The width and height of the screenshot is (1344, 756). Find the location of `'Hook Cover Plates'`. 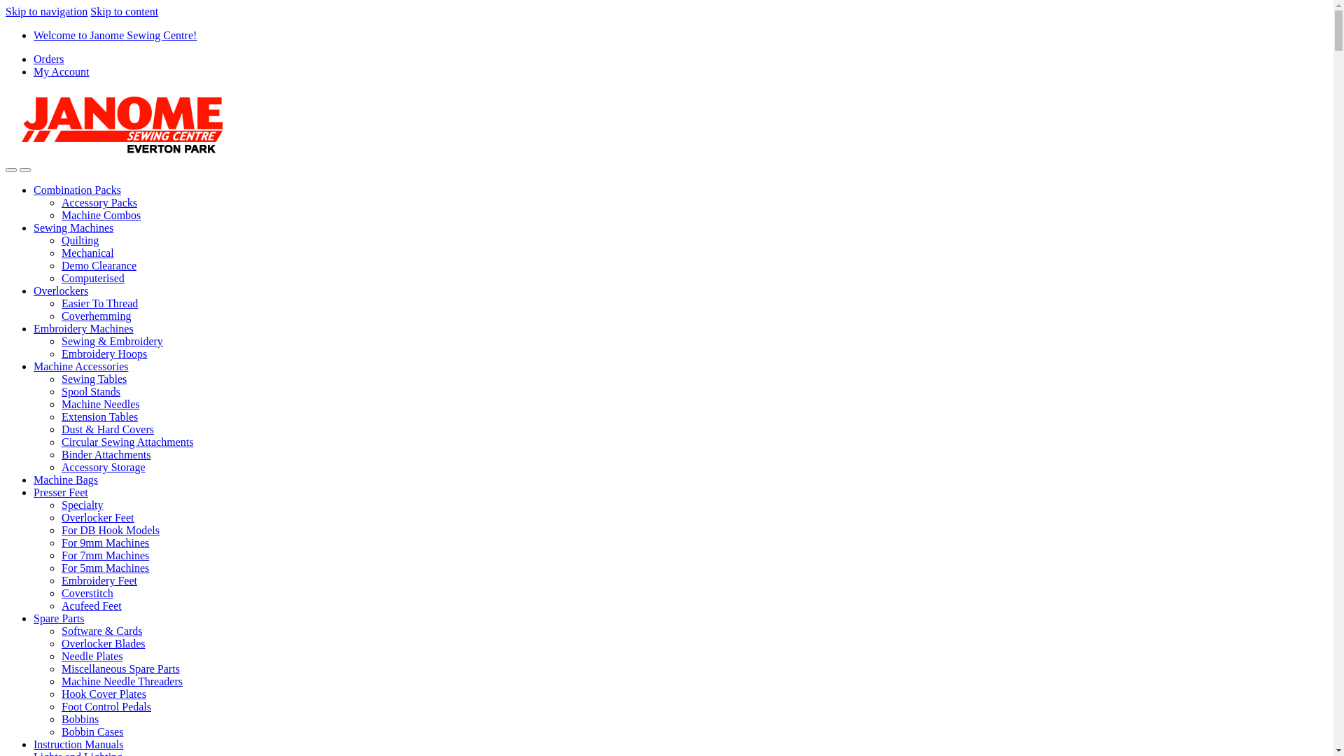

'Hook Cover Plates' is located at coordinates (60, 694).